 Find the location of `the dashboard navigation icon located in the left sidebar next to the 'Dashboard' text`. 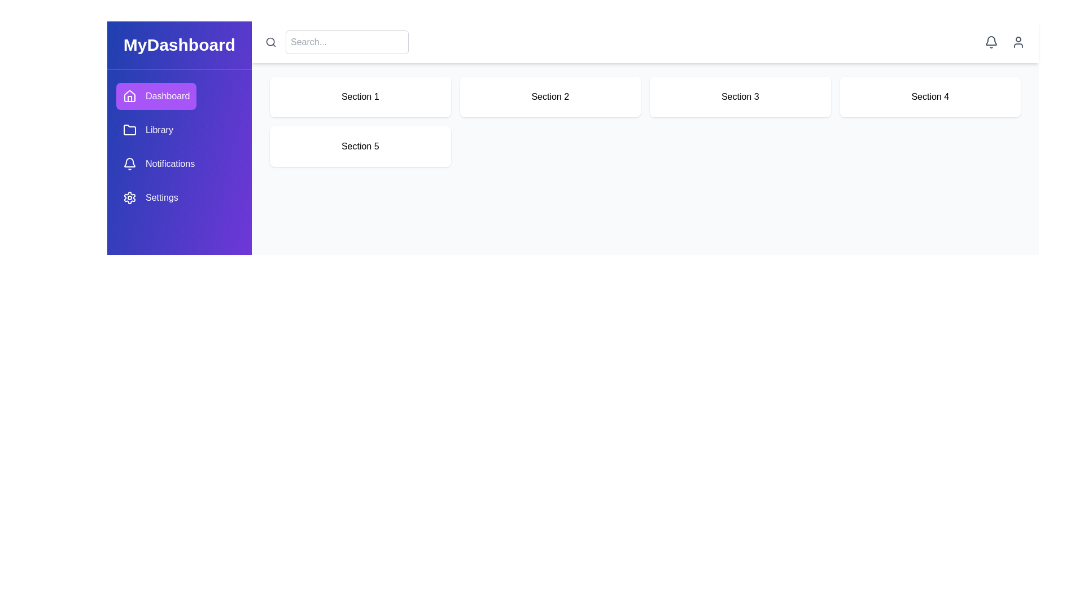

the dashboard navigation icon located in the left sidebar next to the 'Dashboard' text is located at coordinates (130, 95).